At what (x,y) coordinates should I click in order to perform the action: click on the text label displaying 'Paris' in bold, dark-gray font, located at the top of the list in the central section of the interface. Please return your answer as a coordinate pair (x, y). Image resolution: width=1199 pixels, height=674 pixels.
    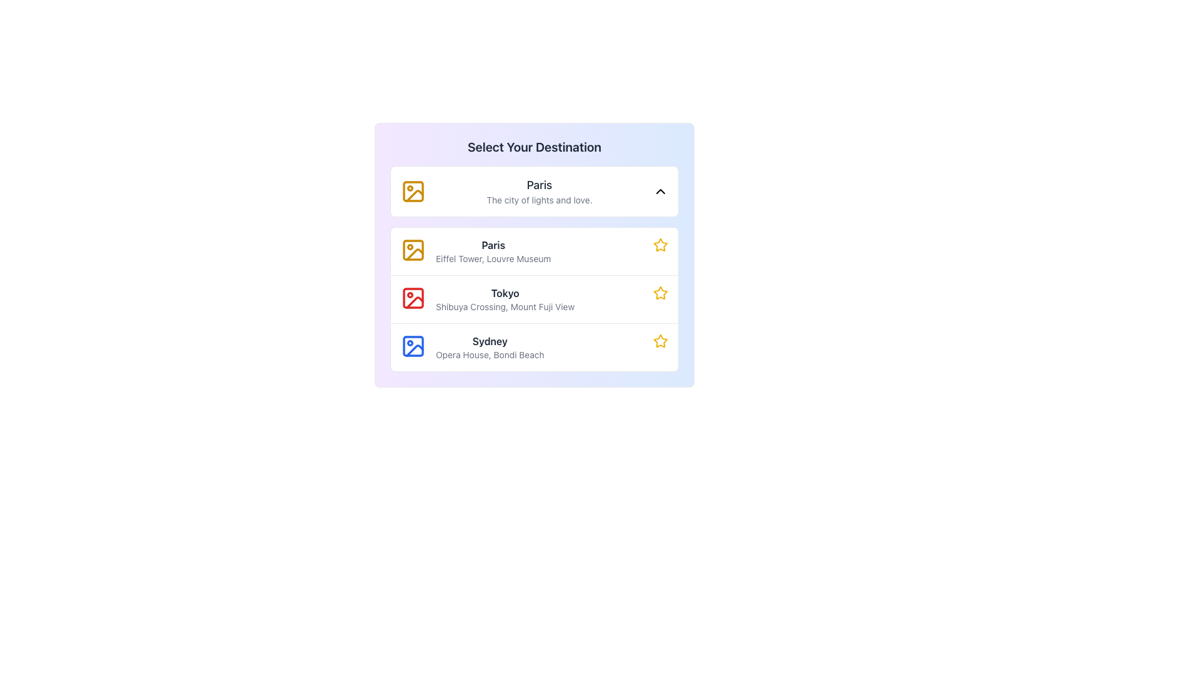
    Looking at the image, I should click on (540, 185).